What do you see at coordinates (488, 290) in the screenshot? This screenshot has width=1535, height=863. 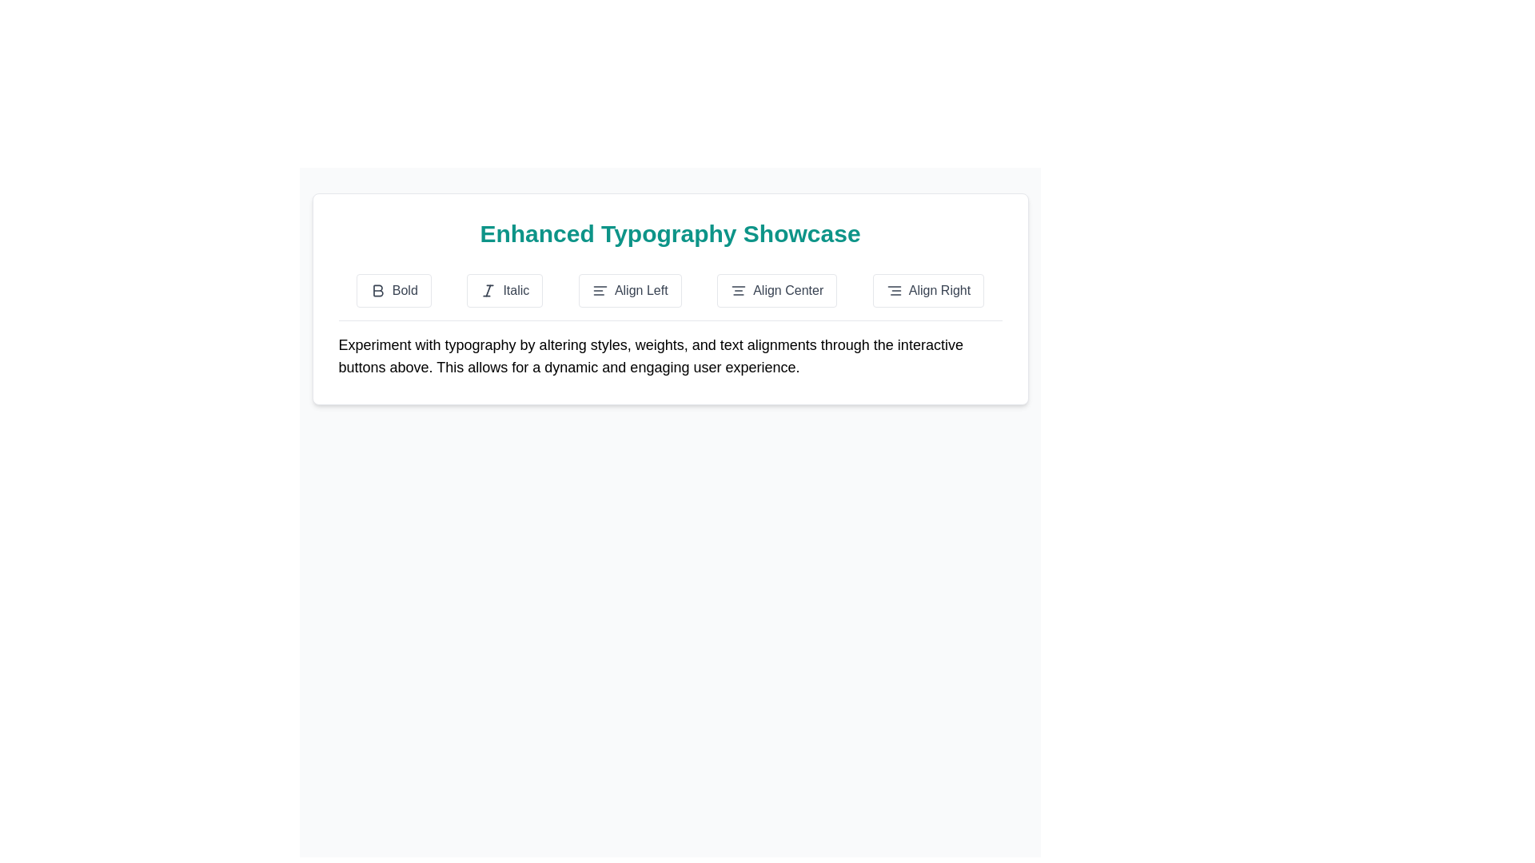 I see `central decorative line of the SVG icon representing the 'Italic' formatting option, located within the second button of the Enhanced Typography Showcase` at bounding box center [488, 290].